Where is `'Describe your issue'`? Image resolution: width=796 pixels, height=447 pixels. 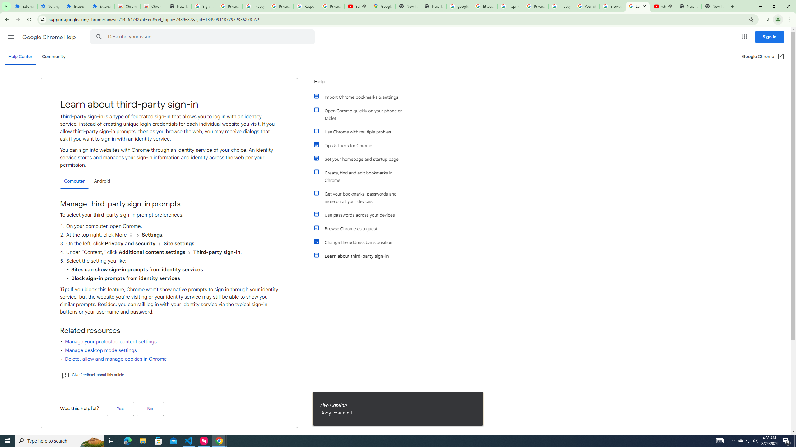
'Describe your issue' is located at coordinates (203, 37).